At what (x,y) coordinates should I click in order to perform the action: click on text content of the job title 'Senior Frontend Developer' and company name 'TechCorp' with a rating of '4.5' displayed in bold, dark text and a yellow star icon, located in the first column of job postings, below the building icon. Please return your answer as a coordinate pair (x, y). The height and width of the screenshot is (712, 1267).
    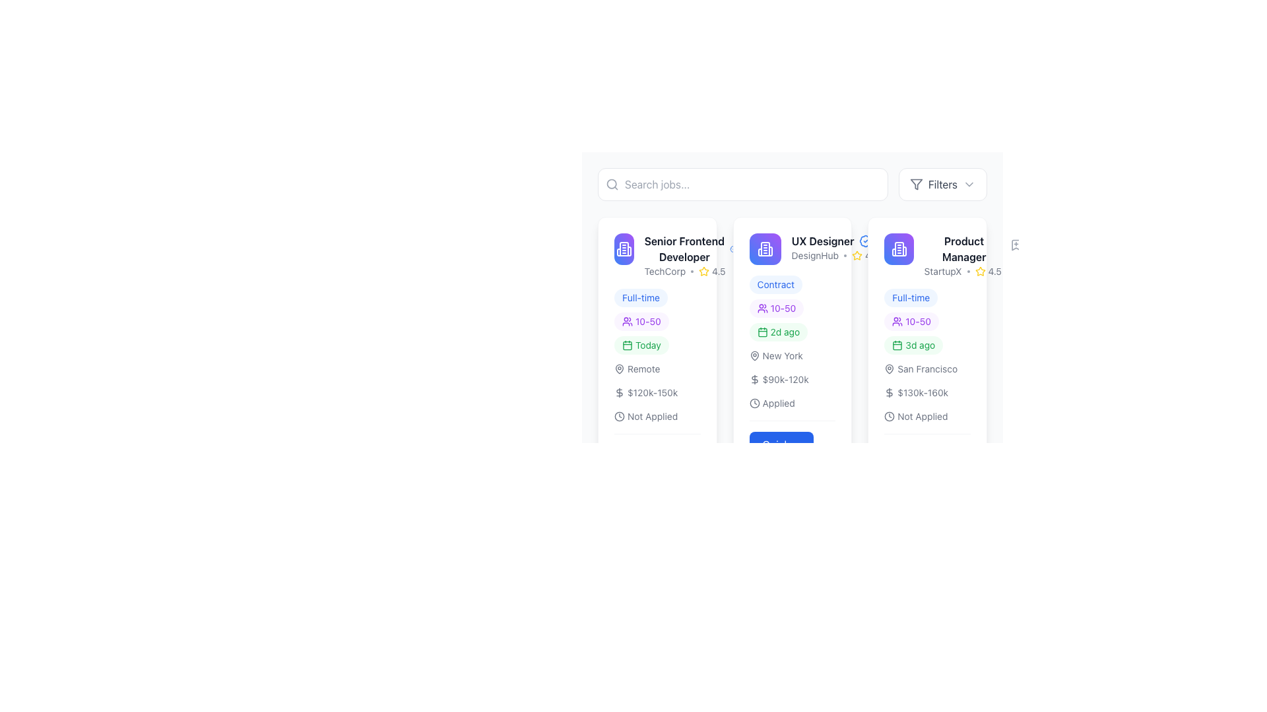
    Looking at the image, I should click on (690, 256).